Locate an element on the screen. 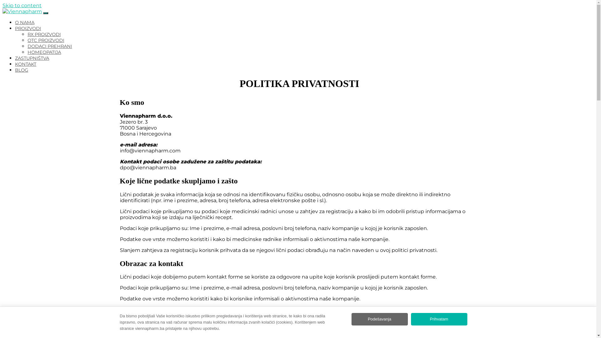 This screenshot has height=338, width=601. 'BLOG' is located at coordinates (15, 70).